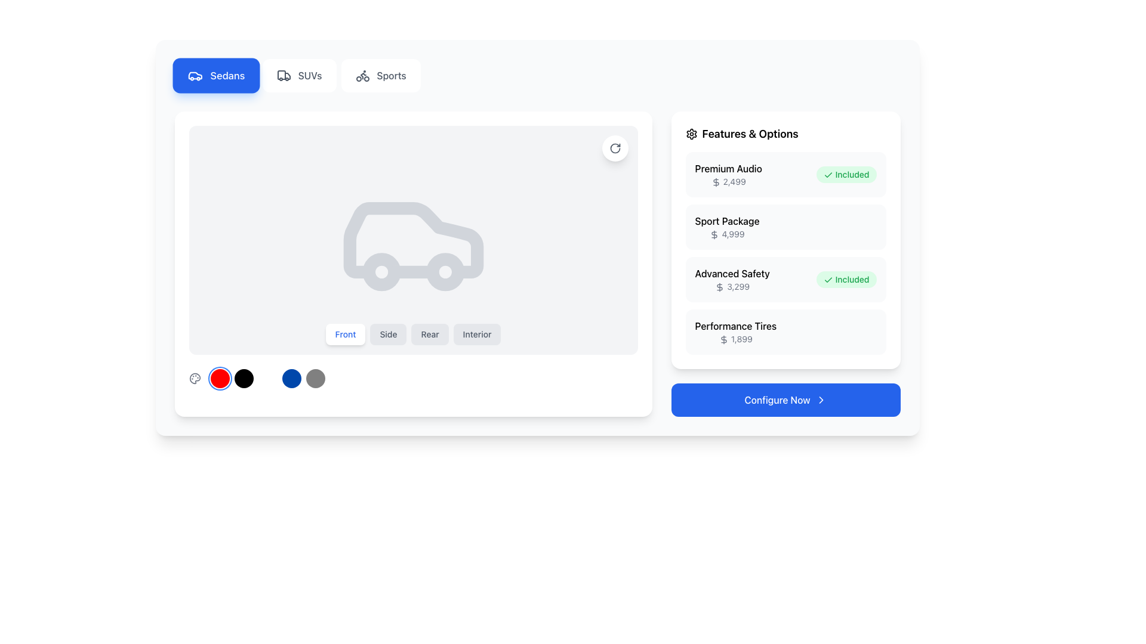  I want to click on the settings icon located to the immediate left of the text 'Features & Options' in the top-right corner of the main interface area, so click(691, 134).